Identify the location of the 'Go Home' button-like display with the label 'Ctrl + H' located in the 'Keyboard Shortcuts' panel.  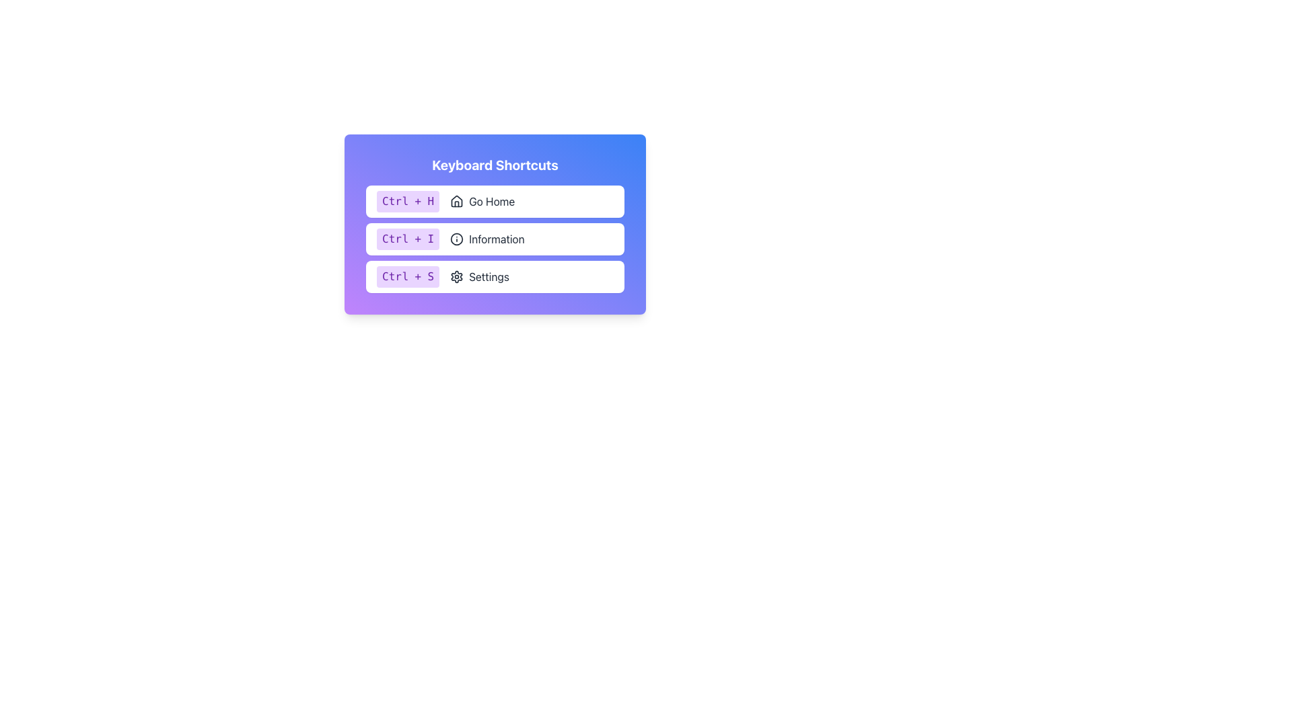
(494, 202).